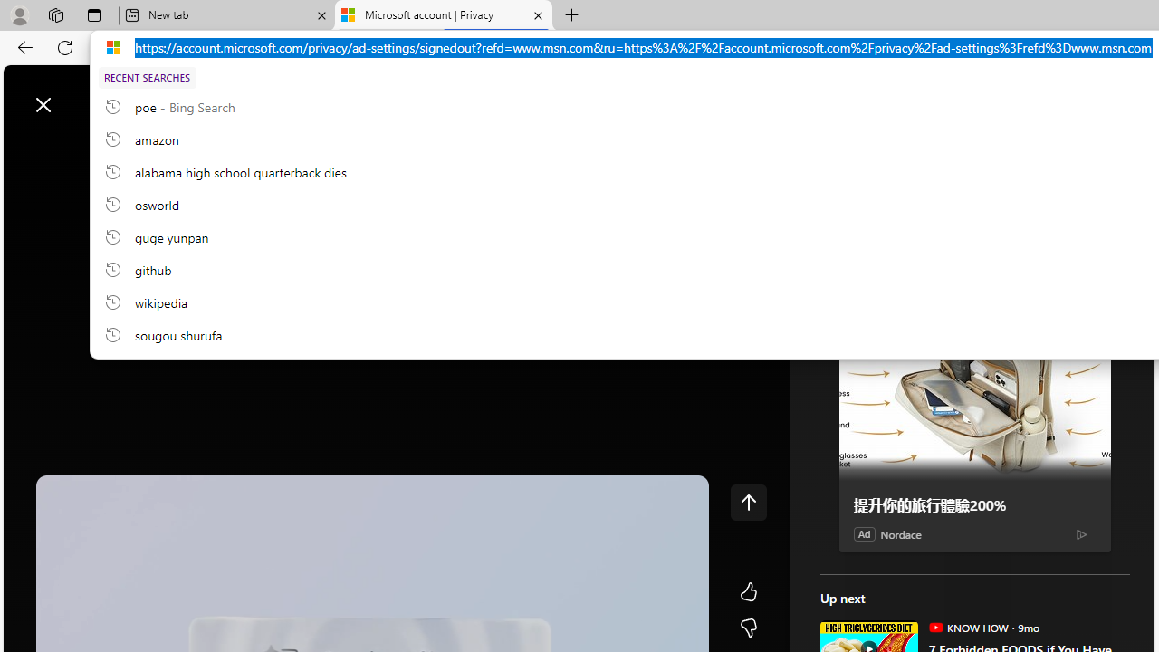  Describe the element at coordinates (26, 147) in the screenshot. I see `'Open navigation menu'` at that location.